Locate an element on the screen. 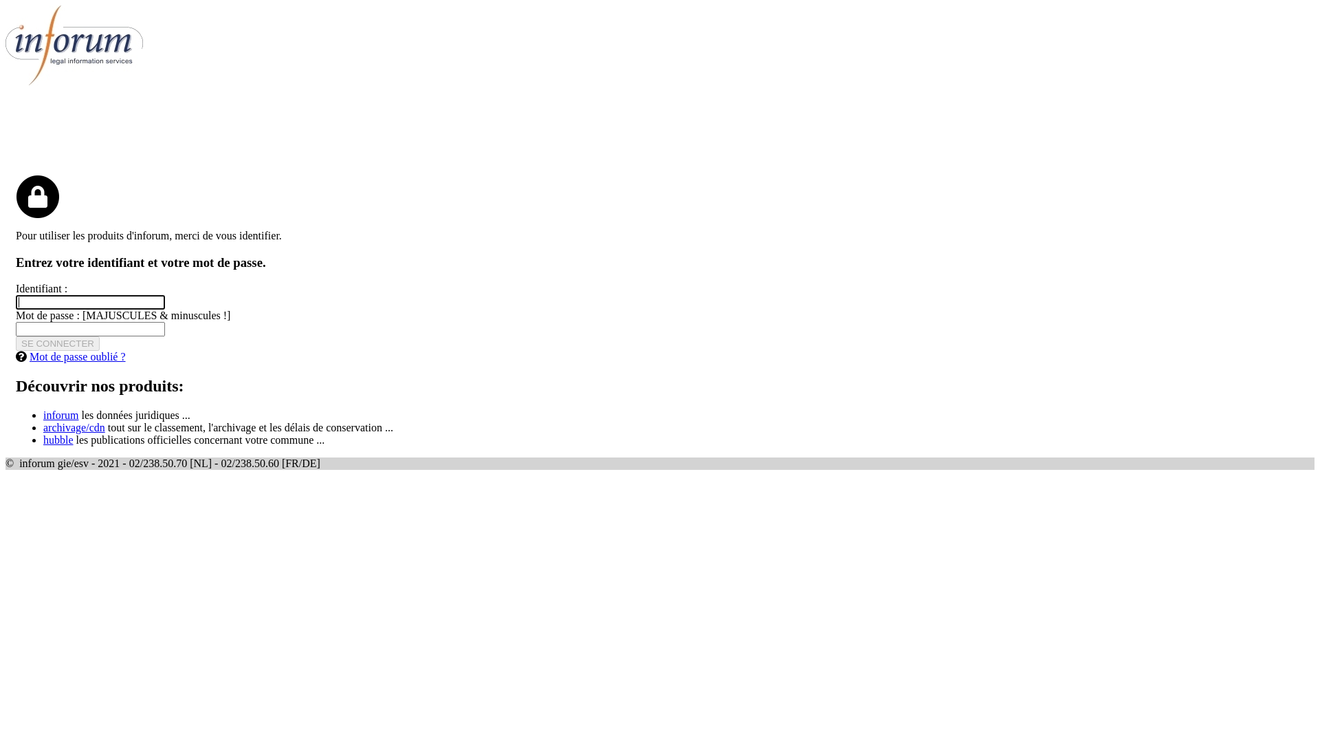  'archivage/cdn' is located at coordinates (73, 427).